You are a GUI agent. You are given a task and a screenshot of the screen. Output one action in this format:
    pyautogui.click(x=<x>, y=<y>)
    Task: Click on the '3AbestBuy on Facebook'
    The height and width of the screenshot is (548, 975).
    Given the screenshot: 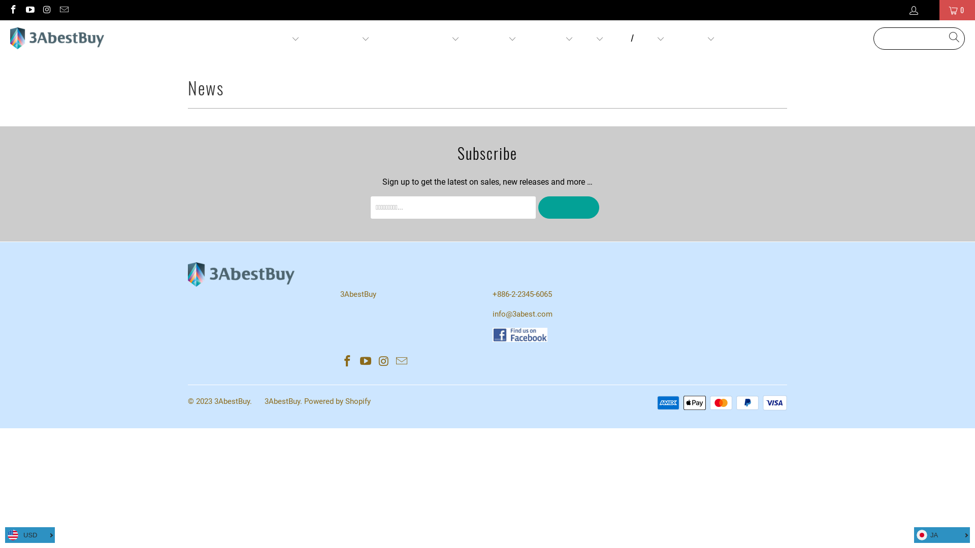 What is the action you would take?
    pyautogui.click(x=12, y=10)
    